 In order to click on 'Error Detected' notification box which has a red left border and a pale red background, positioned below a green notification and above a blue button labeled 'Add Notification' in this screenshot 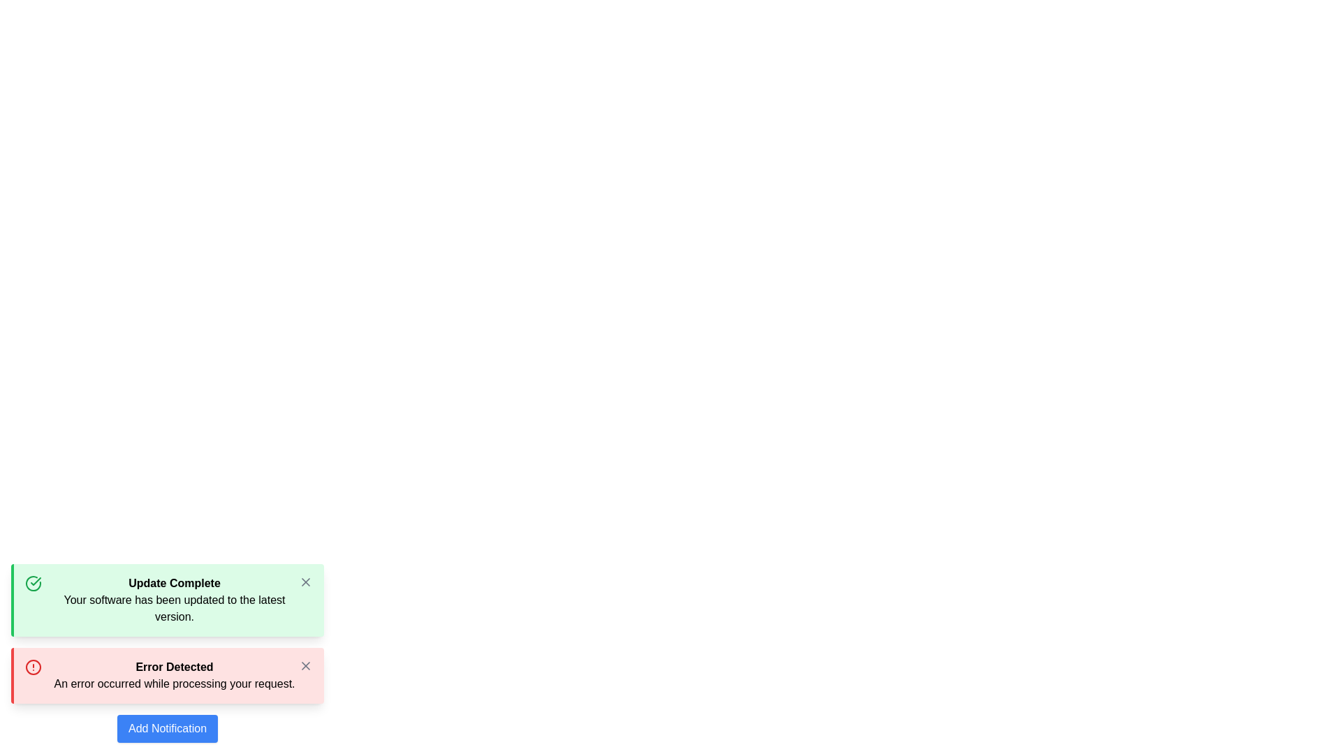, I will do `click(168, 675)`.